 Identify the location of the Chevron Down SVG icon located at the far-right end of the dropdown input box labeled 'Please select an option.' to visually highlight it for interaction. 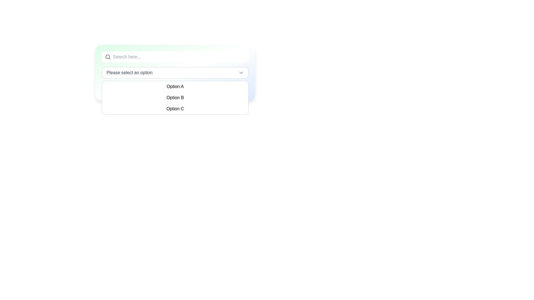
(241, 72).